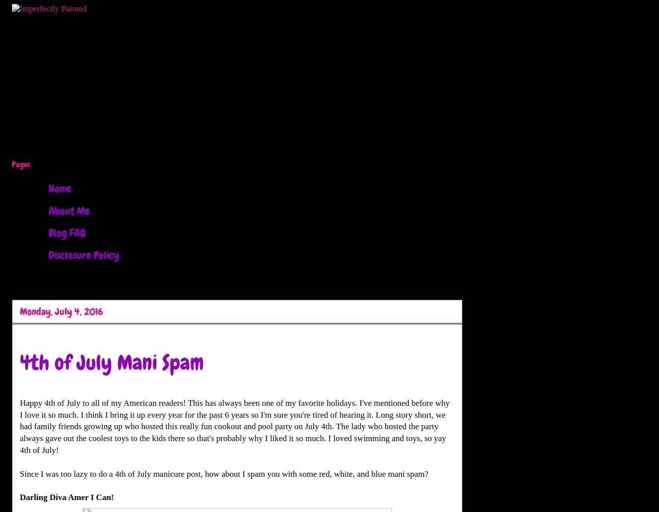 The height and width of the screenshot is (512, 659). Describe the element at coordinates (61, 311) in the screenshot. I see `'Monday, July 4, 2016'` at that location.